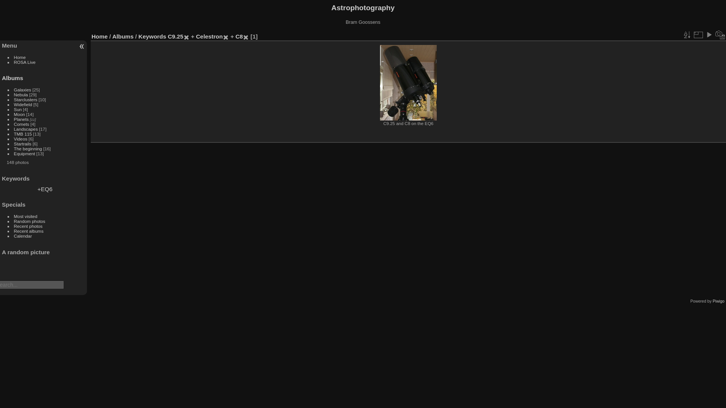 The width and height of the screenshot is (726, 408). Describe the element at coordinates (686, 35) in the screenshot. I see `'Sort order'` at that location.